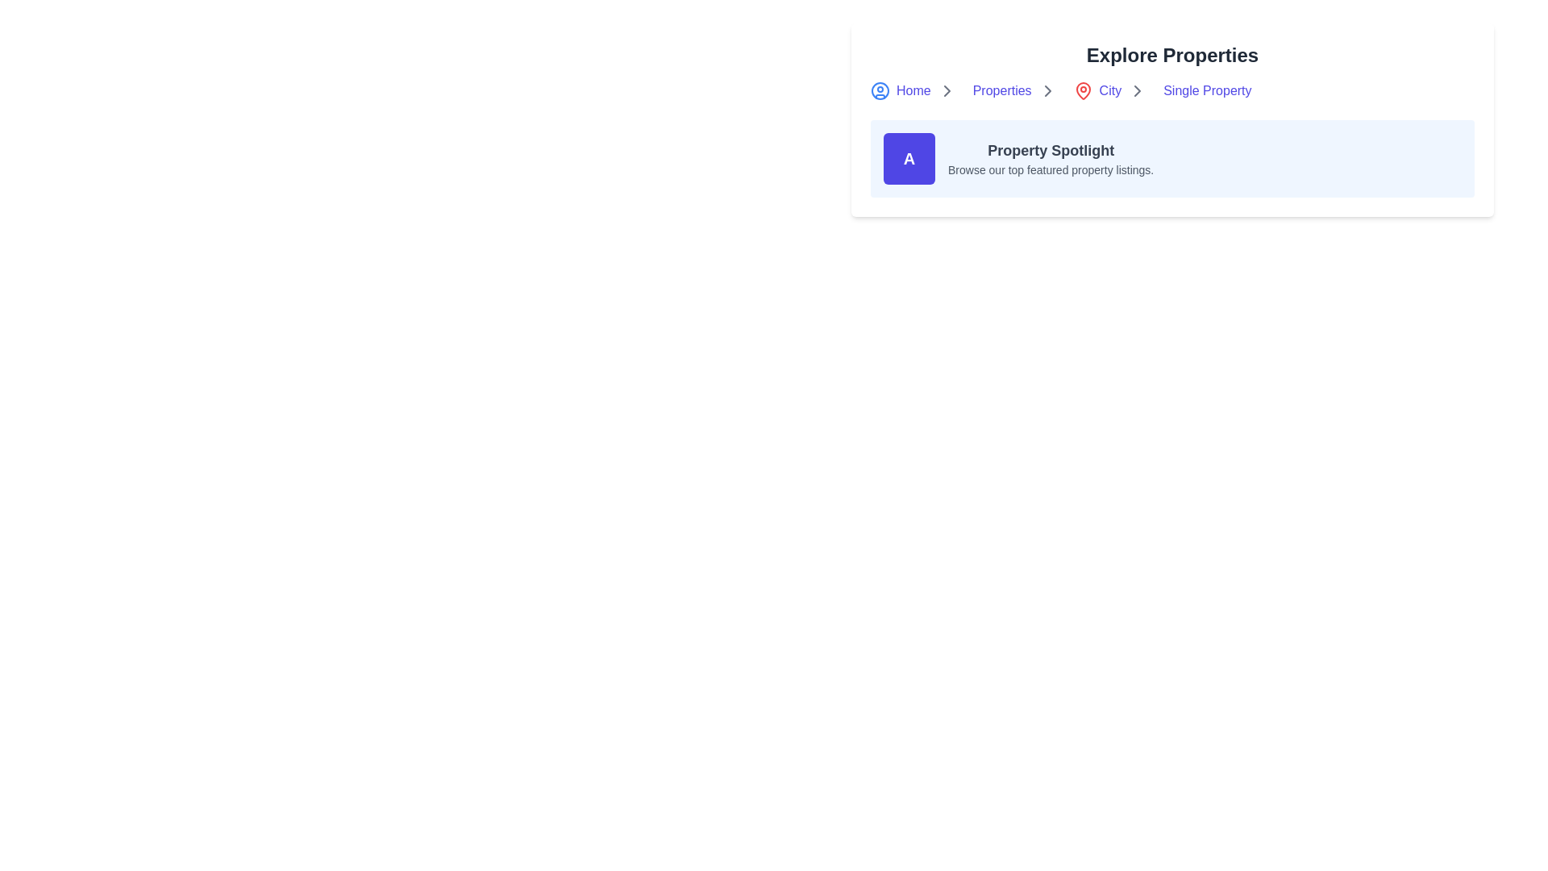  I want to click on the 'City' breadcrumb icon located in the breadcrumb navigation bar, which serves as a graphical marker in the navigation hierarchy, so click(1083, 90).